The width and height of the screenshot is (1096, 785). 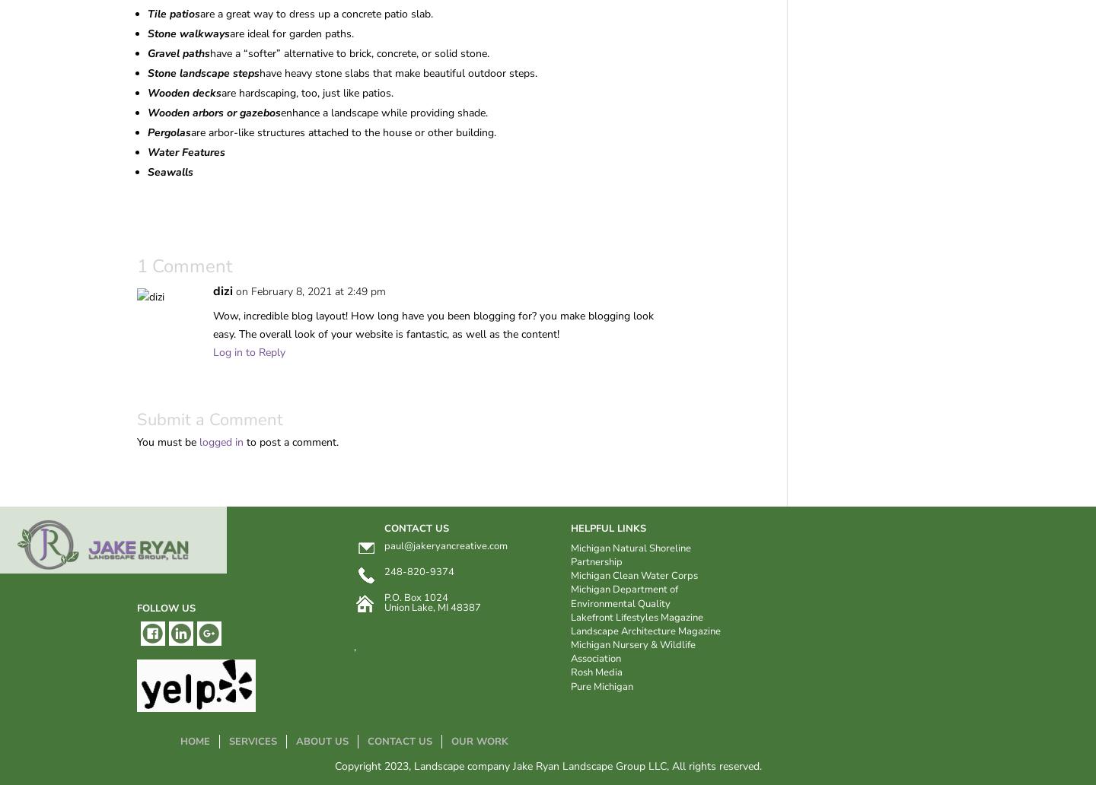 What do you see at coordinates (316, 14) in the screenshot?
I see `'are a great way to dress up a concrete patio slab.'` at bounding box center [316, 14].